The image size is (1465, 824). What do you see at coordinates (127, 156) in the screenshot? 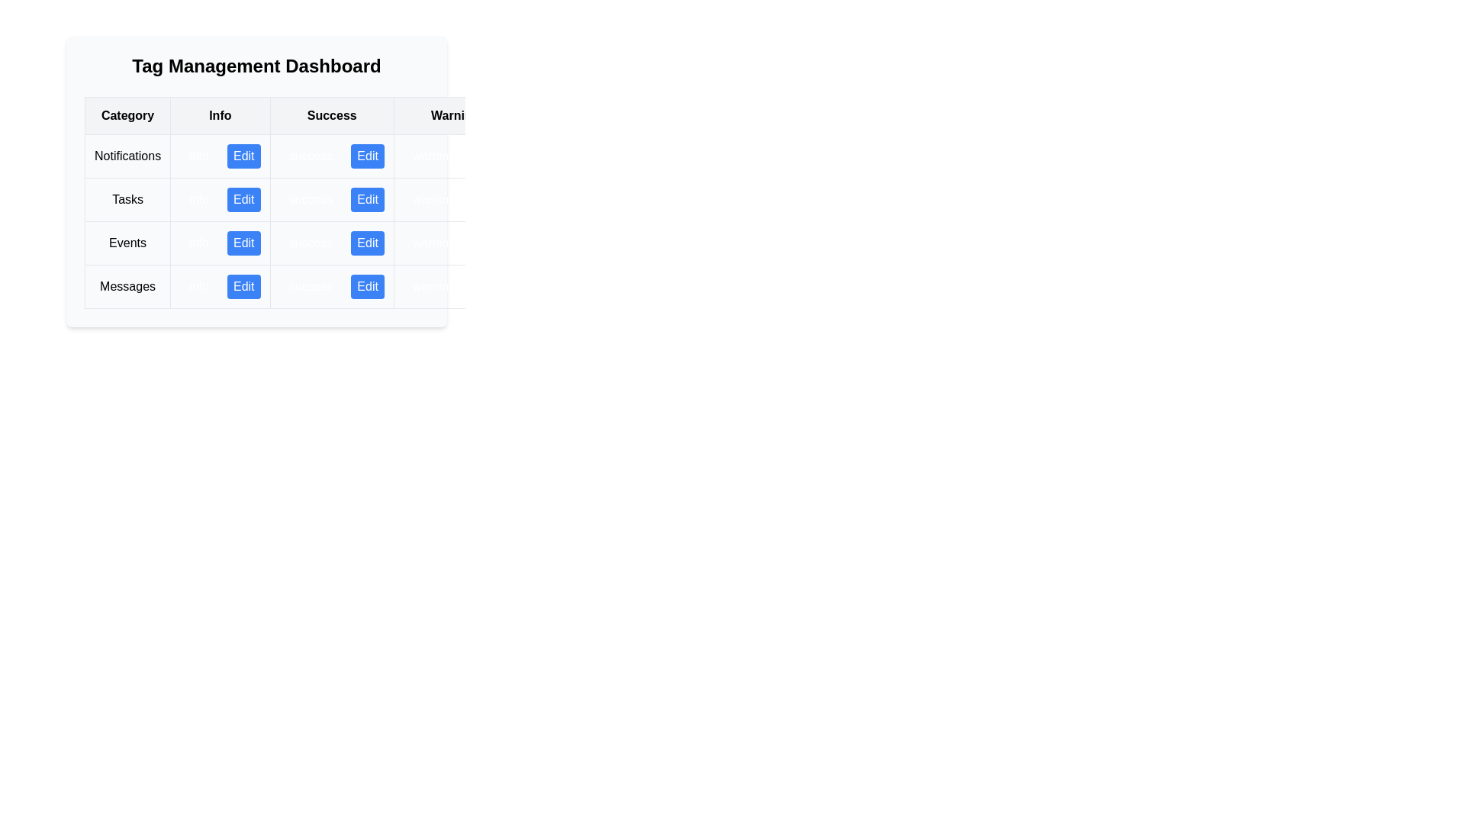
I see `the Static Label displaying 'Notifications' in bold font, located in the first column under the 'Category' header, which is the topmost row in this column` at bounding box center [127, 156].